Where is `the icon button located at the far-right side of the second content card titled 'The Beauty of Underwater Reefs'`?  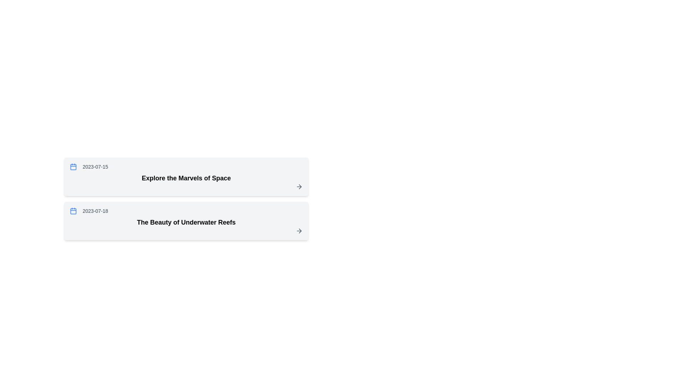
the icon button located at the far-right side of the second content card titled 'The Beauty of Underwater Reefs' is located at coordinates (299, 231).